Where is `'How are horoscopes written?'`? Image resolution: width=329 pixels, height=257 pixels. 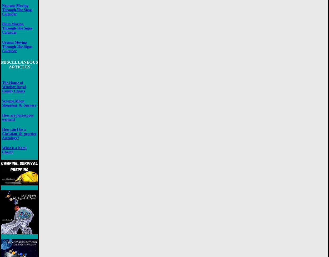 'How are horoscopes written?' is located at coordinates (18, 117).